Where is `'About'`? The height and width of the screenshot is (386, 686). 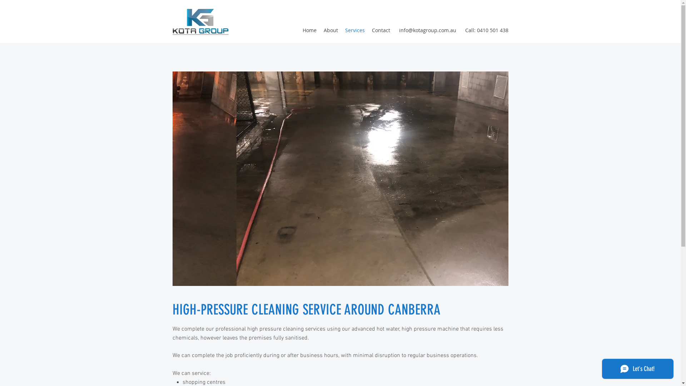
'About' is located at coordinates (330, 30).